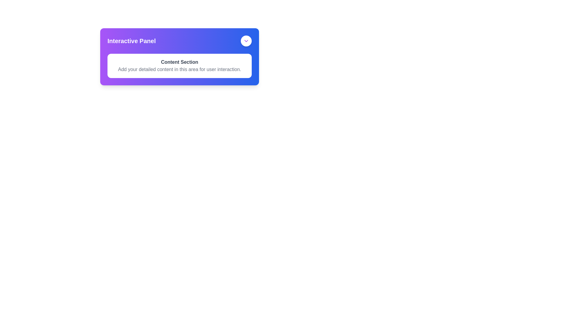  I want to click on the toggle button, so click(246, 41).